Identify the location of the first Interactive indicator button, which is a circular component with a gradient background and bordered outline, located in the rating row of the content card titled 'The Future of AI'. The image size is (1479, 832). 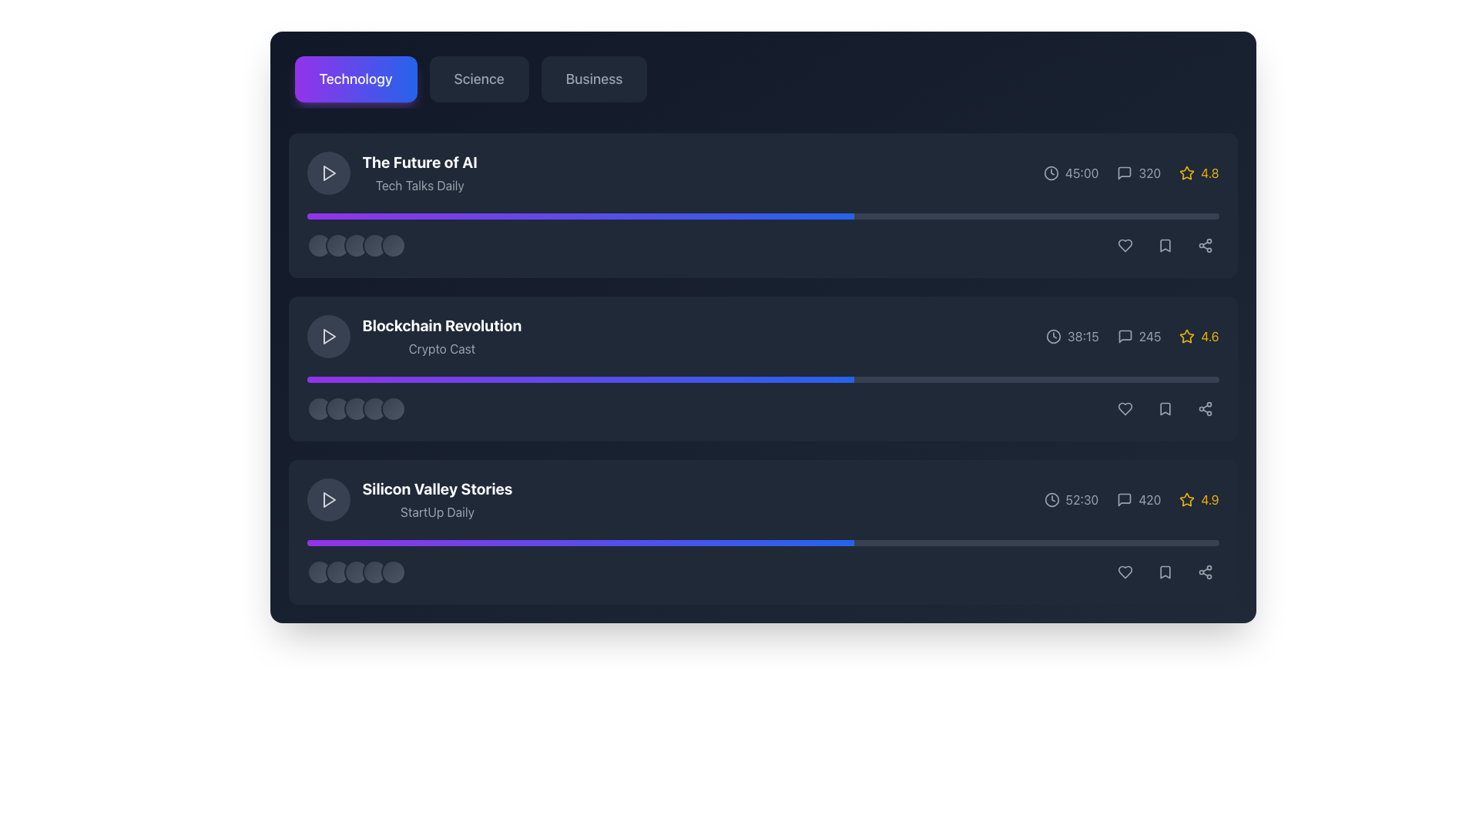
(318, 245).